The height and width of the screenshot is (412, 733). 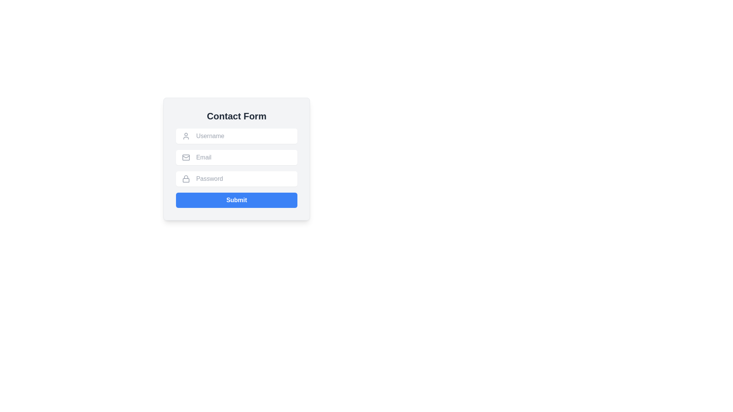 What do you see at coordinates (186, 157) in the screenshot?
I see `the mail envelope icon located inside the 'Contact Form' email input field, positioned to the left of the email text area` at bounding box center [186, 157].